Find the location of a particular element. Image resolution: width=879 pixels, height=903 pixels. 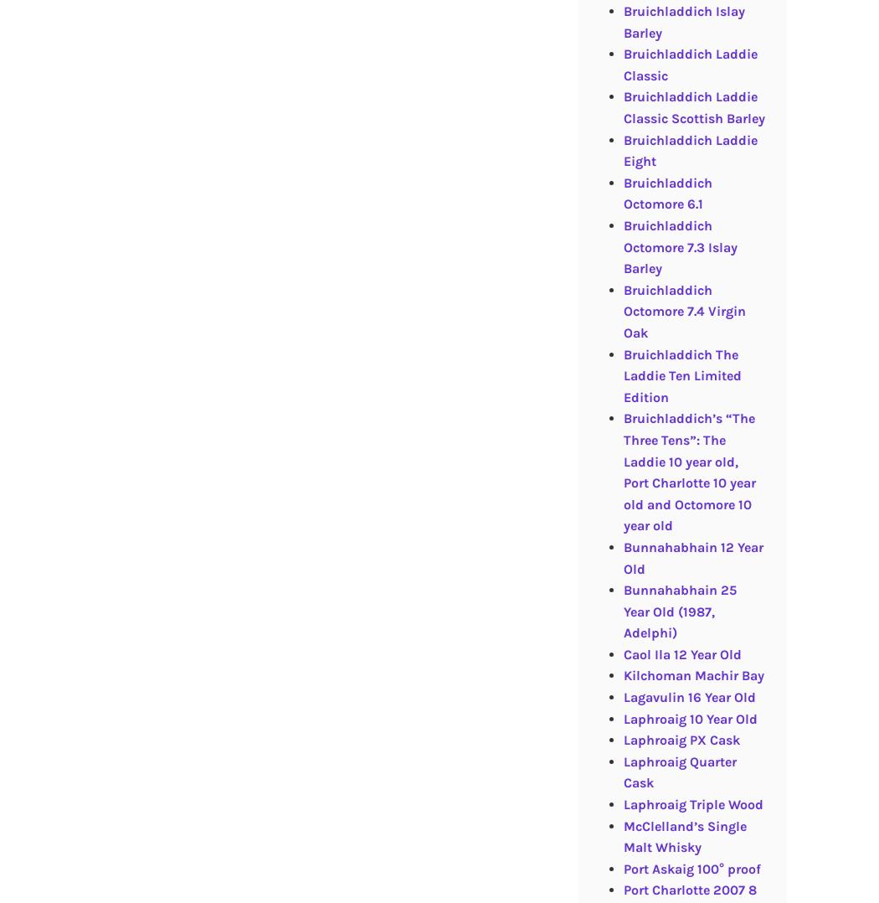

'Bruichladdich Laddie Eight' is located at coordinates (689, 149).